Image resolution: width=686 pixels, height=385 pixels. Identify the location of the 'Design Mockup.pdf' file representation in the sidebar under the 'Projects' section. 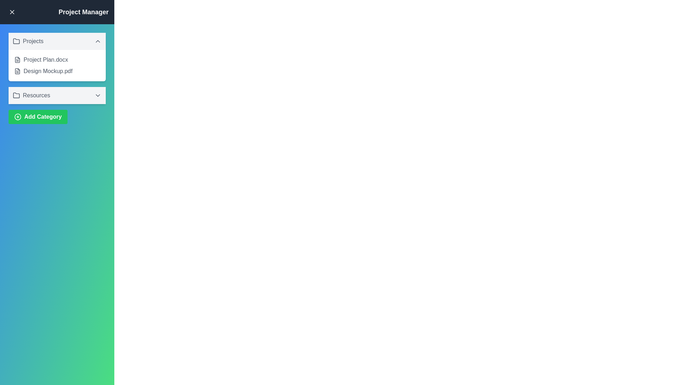
(56, 71).